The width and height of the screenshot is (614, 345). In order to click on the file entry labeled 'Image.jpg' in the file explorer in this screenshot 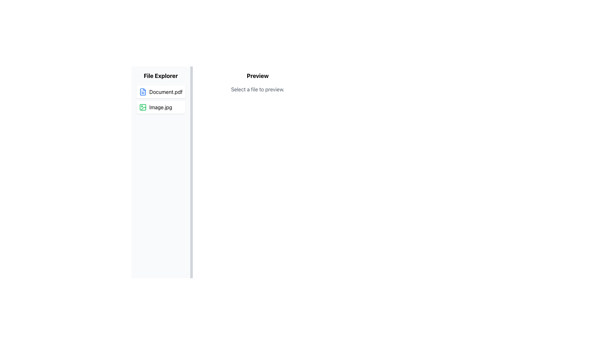, I will do `click(161, 107)`.